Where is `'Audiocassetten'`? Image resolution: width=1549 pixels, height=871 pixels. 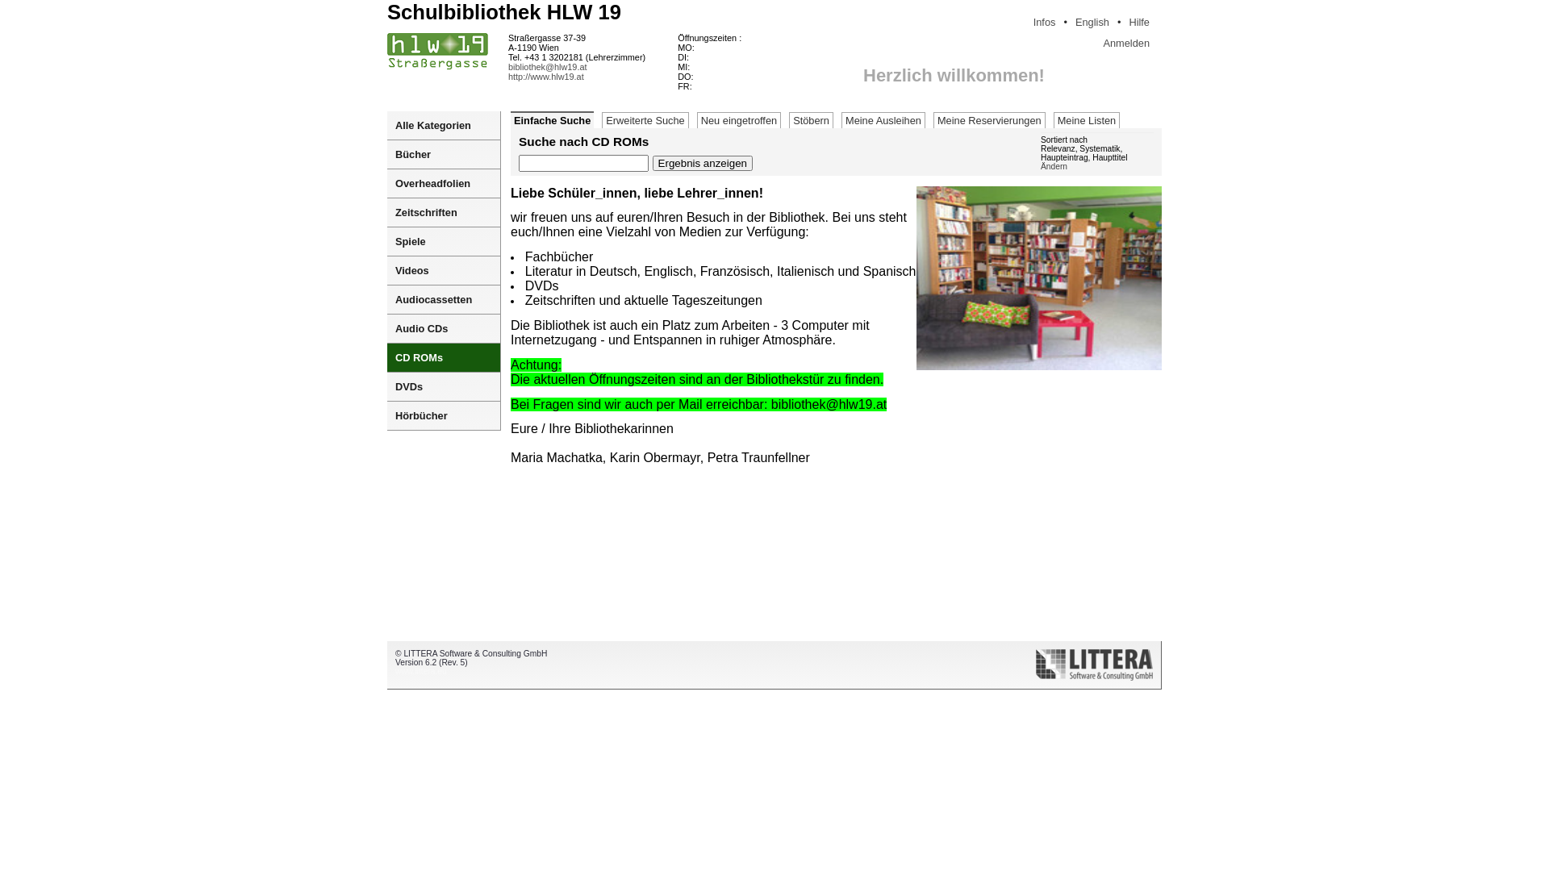
'Audiocassetten' is located at coordinates (387, 299).